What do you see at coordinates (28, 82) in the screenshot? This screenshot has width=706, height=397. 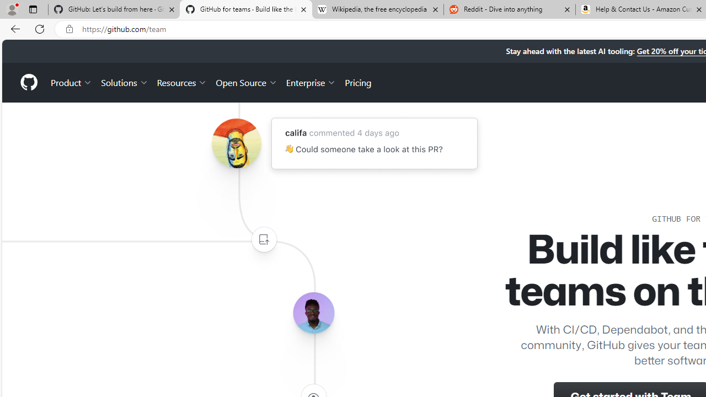 I see `'Homepage'` at bounding box center [28, 82].